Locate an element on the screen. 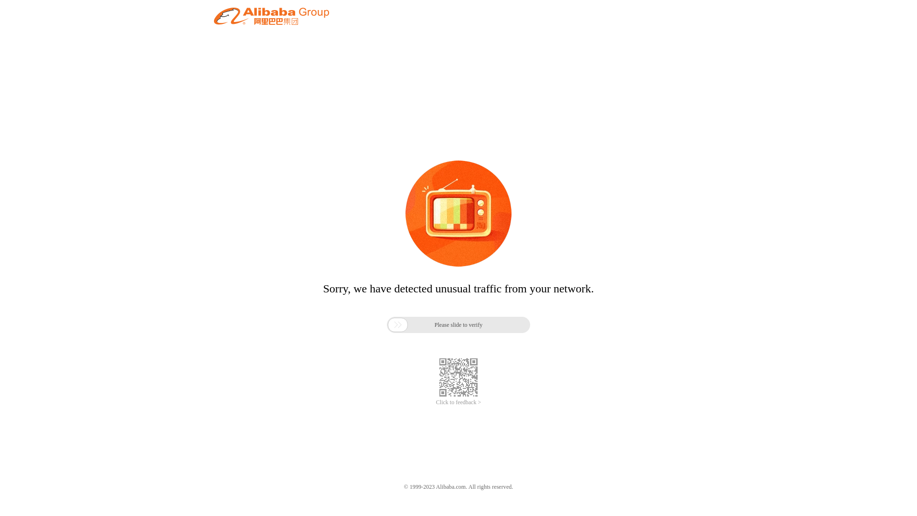 This screenshot has width=917, height=516. 'Click to feedback >' is located at coordinates (458, 402).